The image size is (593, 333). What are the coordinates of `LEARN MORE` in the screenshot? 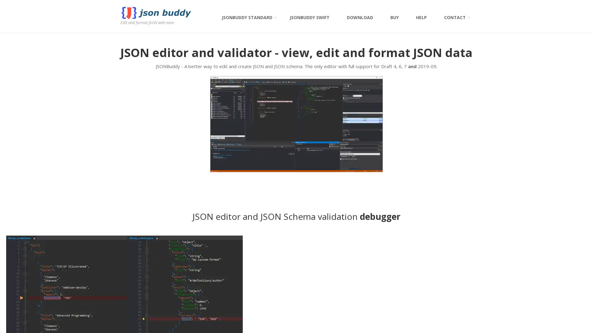 It's located at (162, 186).